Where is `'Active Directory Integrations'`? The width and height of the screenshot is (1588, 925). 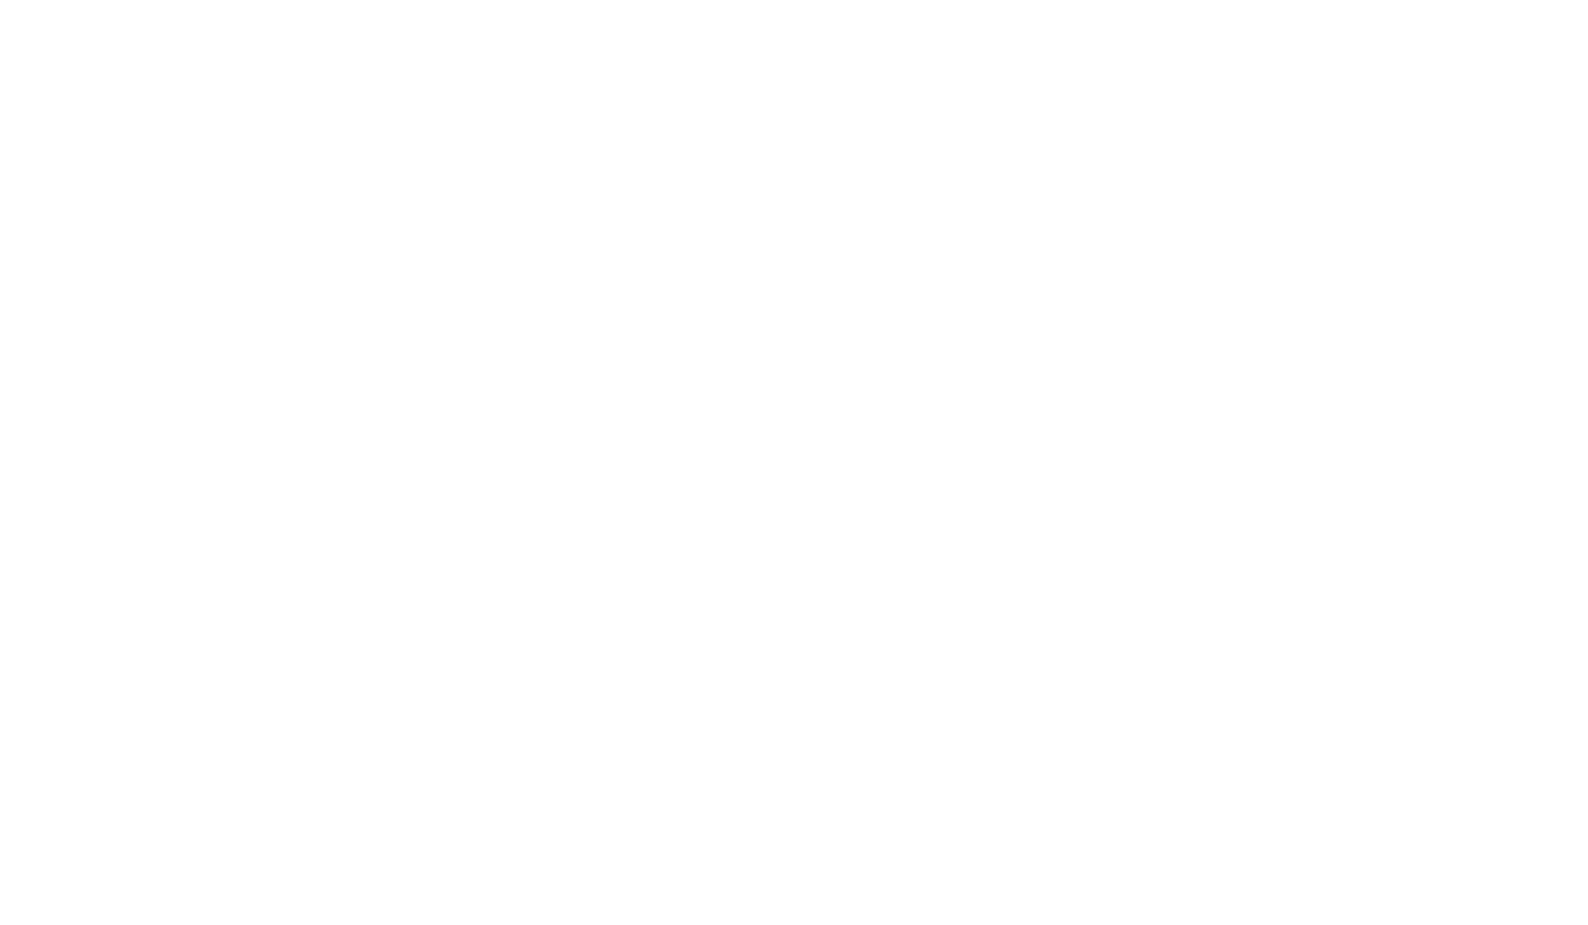 'Active Directory Integrations' is located at coordinates (700, 724).